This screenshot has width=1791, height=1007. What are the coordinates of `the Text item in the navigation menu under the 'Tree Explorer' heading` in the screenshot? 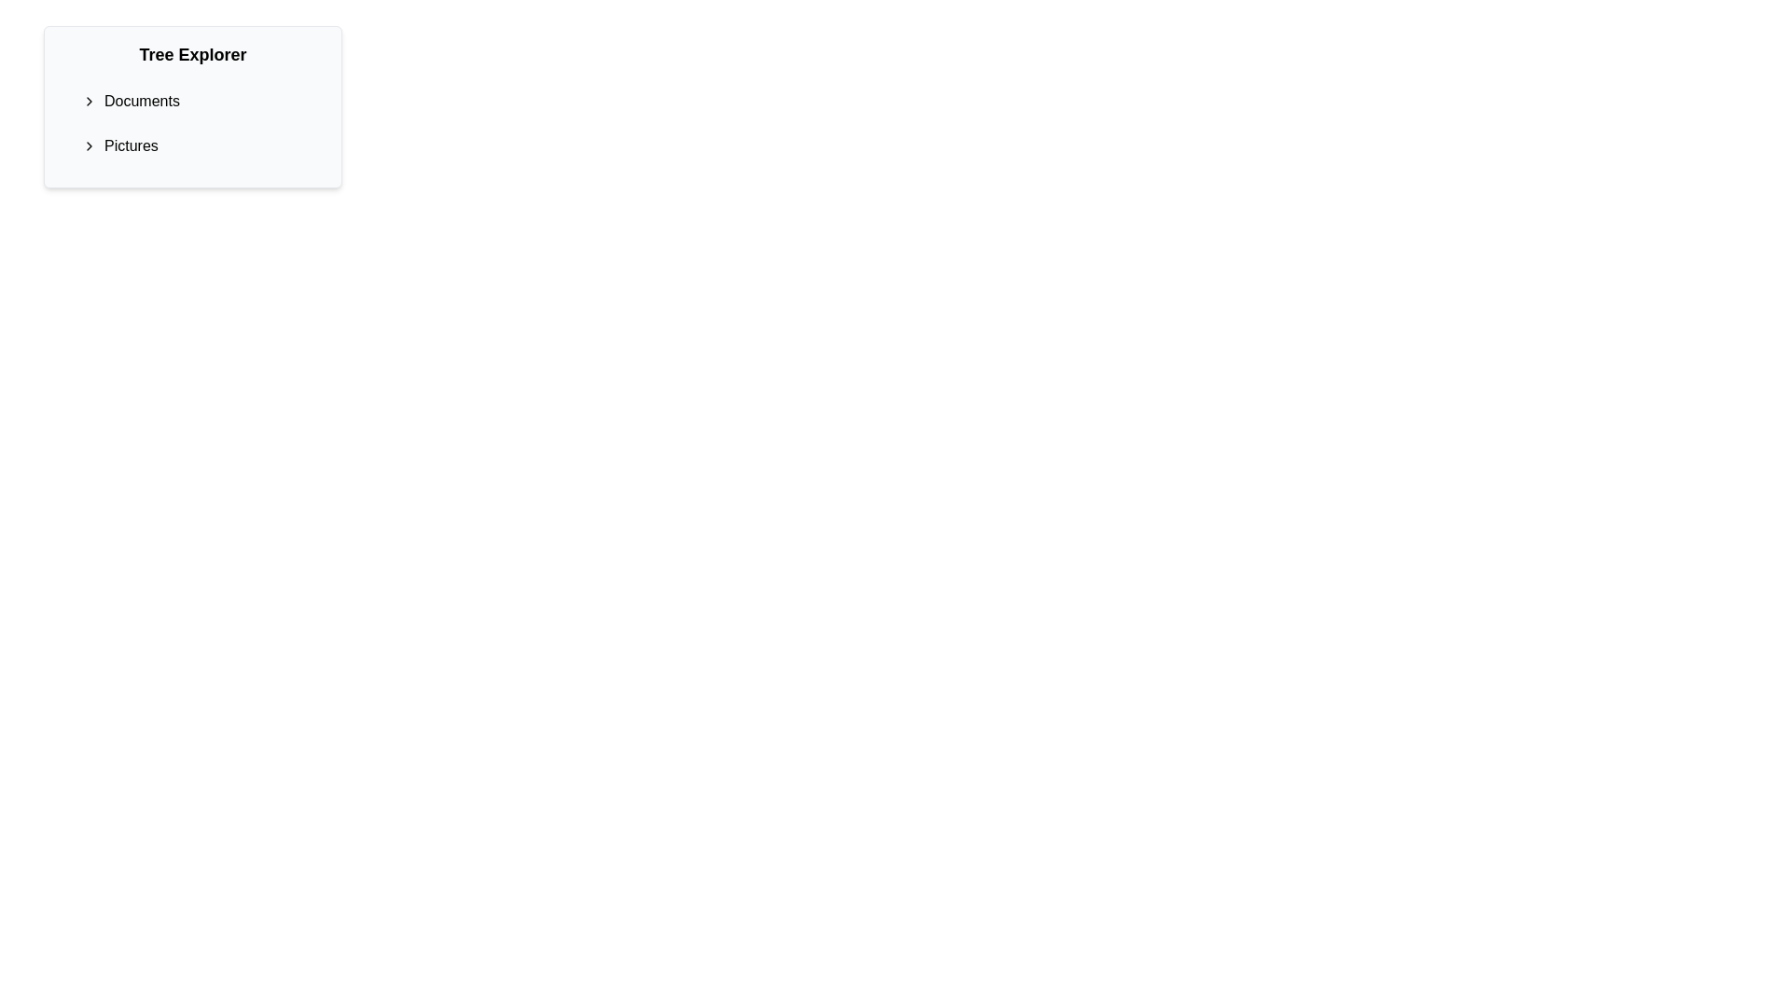 It's located at (141, 101).